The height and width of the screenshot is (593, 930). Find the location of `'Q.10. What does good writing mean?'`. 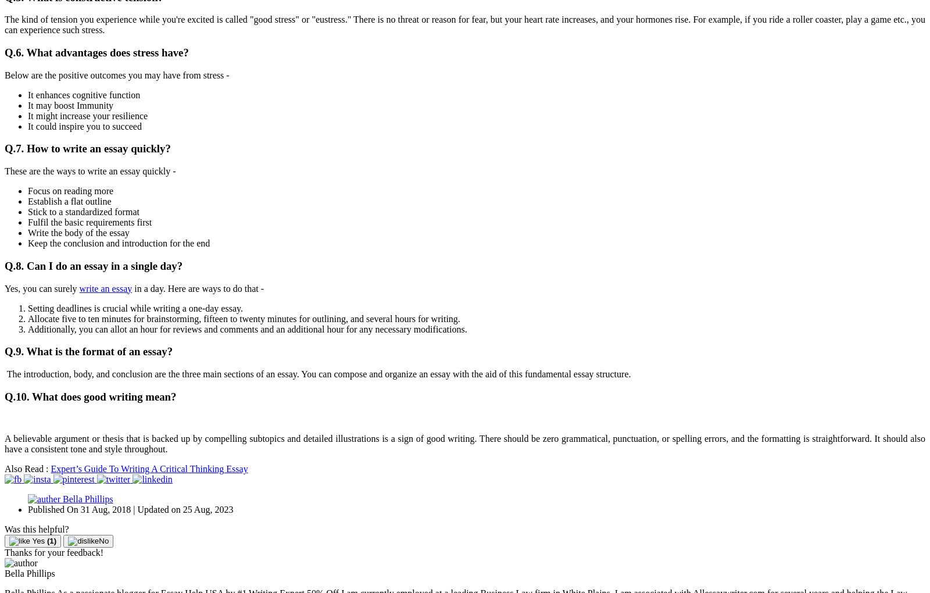

'Q.10. What does good writing mean?' is located at coordinates (90, 395).